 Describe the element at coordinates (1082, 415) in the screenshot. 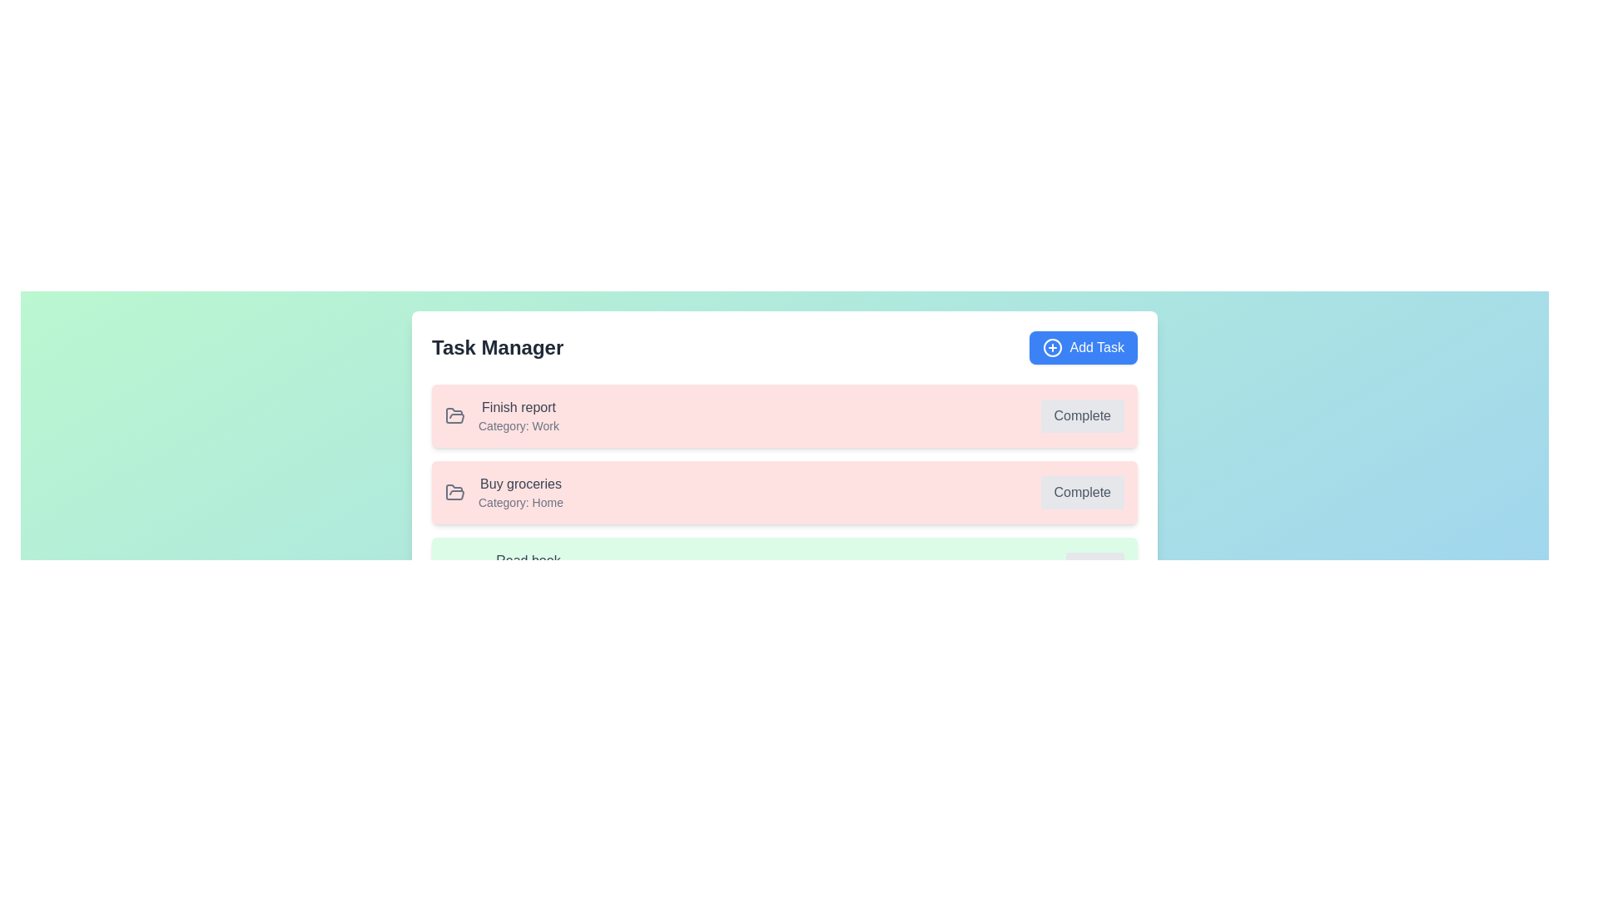

I see `the button that marks the 'Finish report' task as complete` at that location.